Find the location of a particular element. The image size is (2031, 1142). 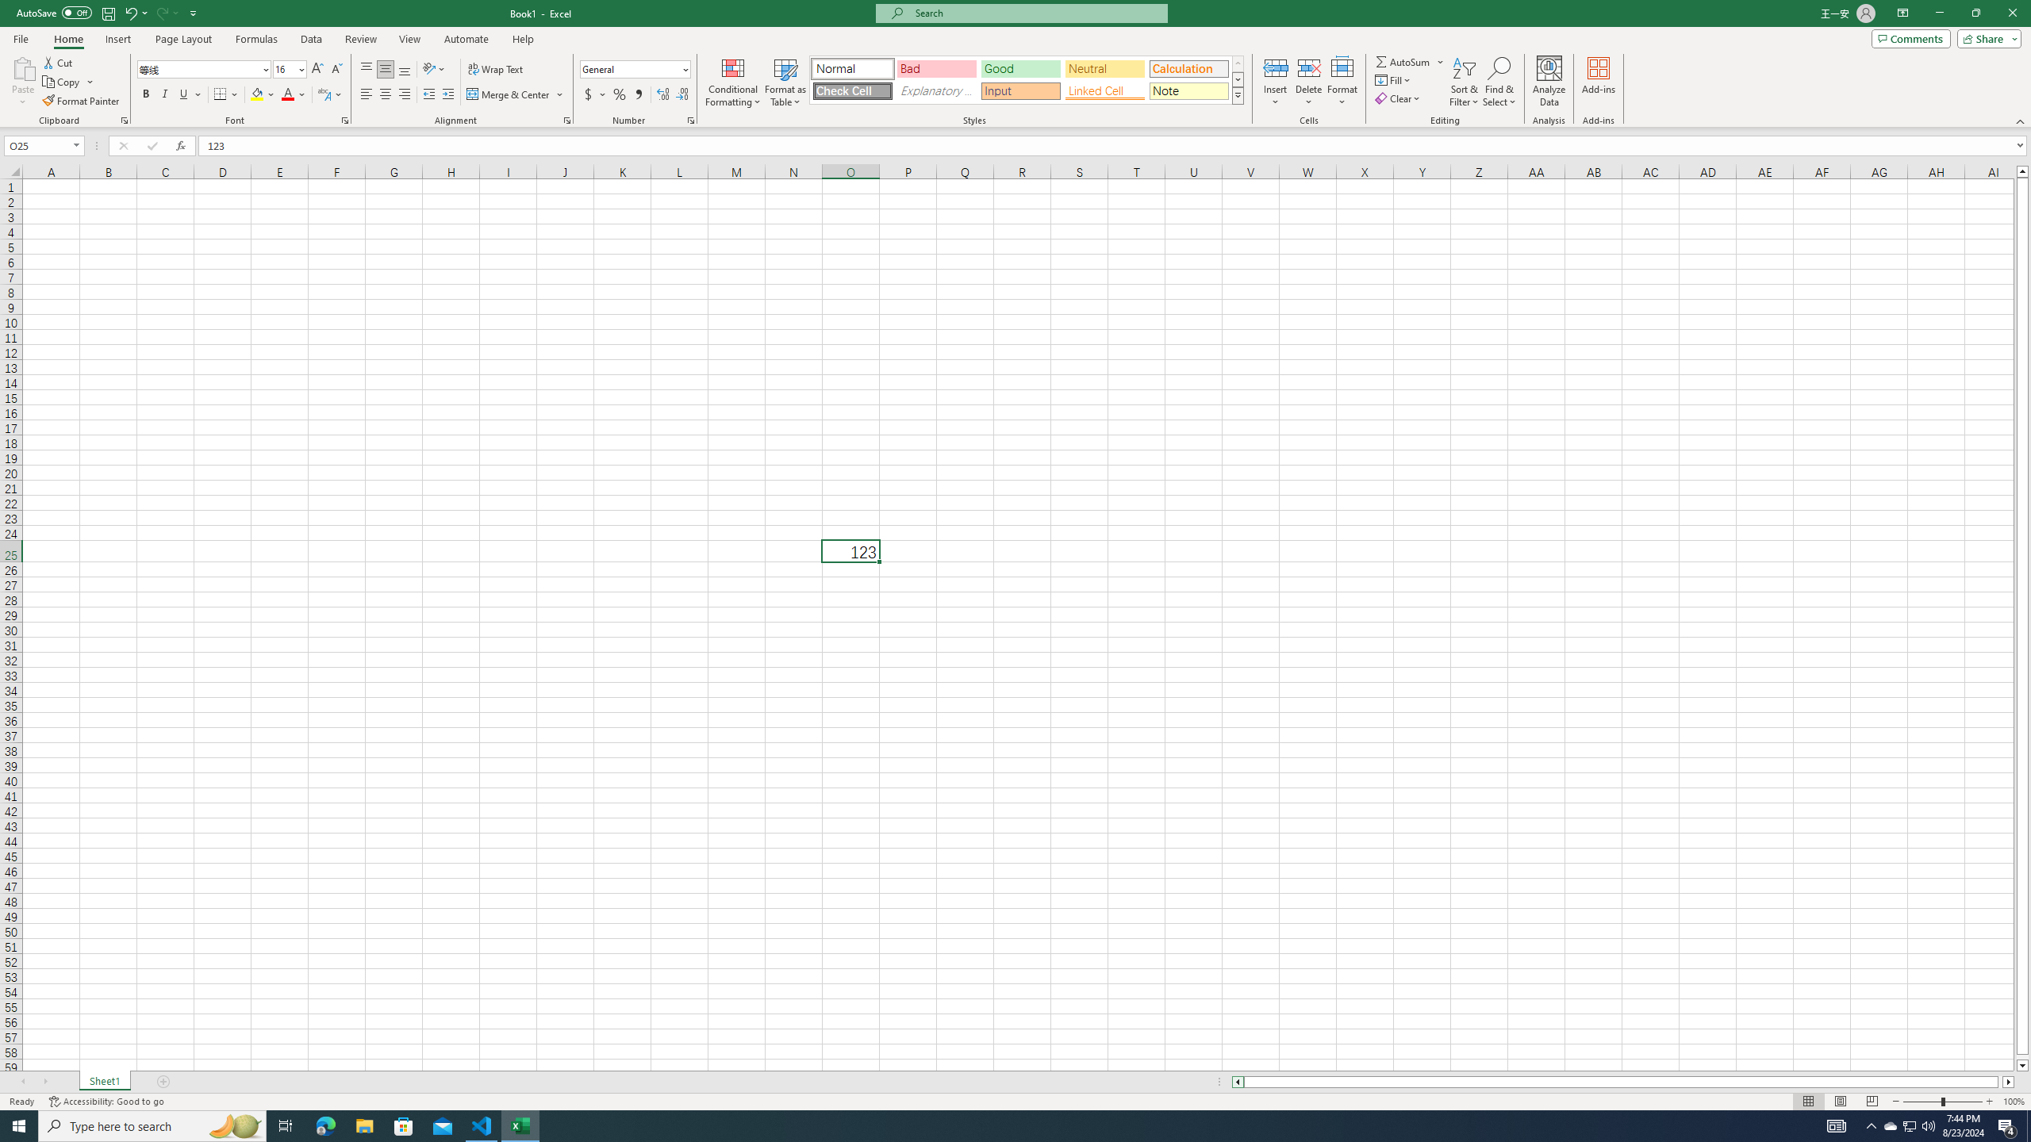

'Orientation' is located at coordinates (433, 69).